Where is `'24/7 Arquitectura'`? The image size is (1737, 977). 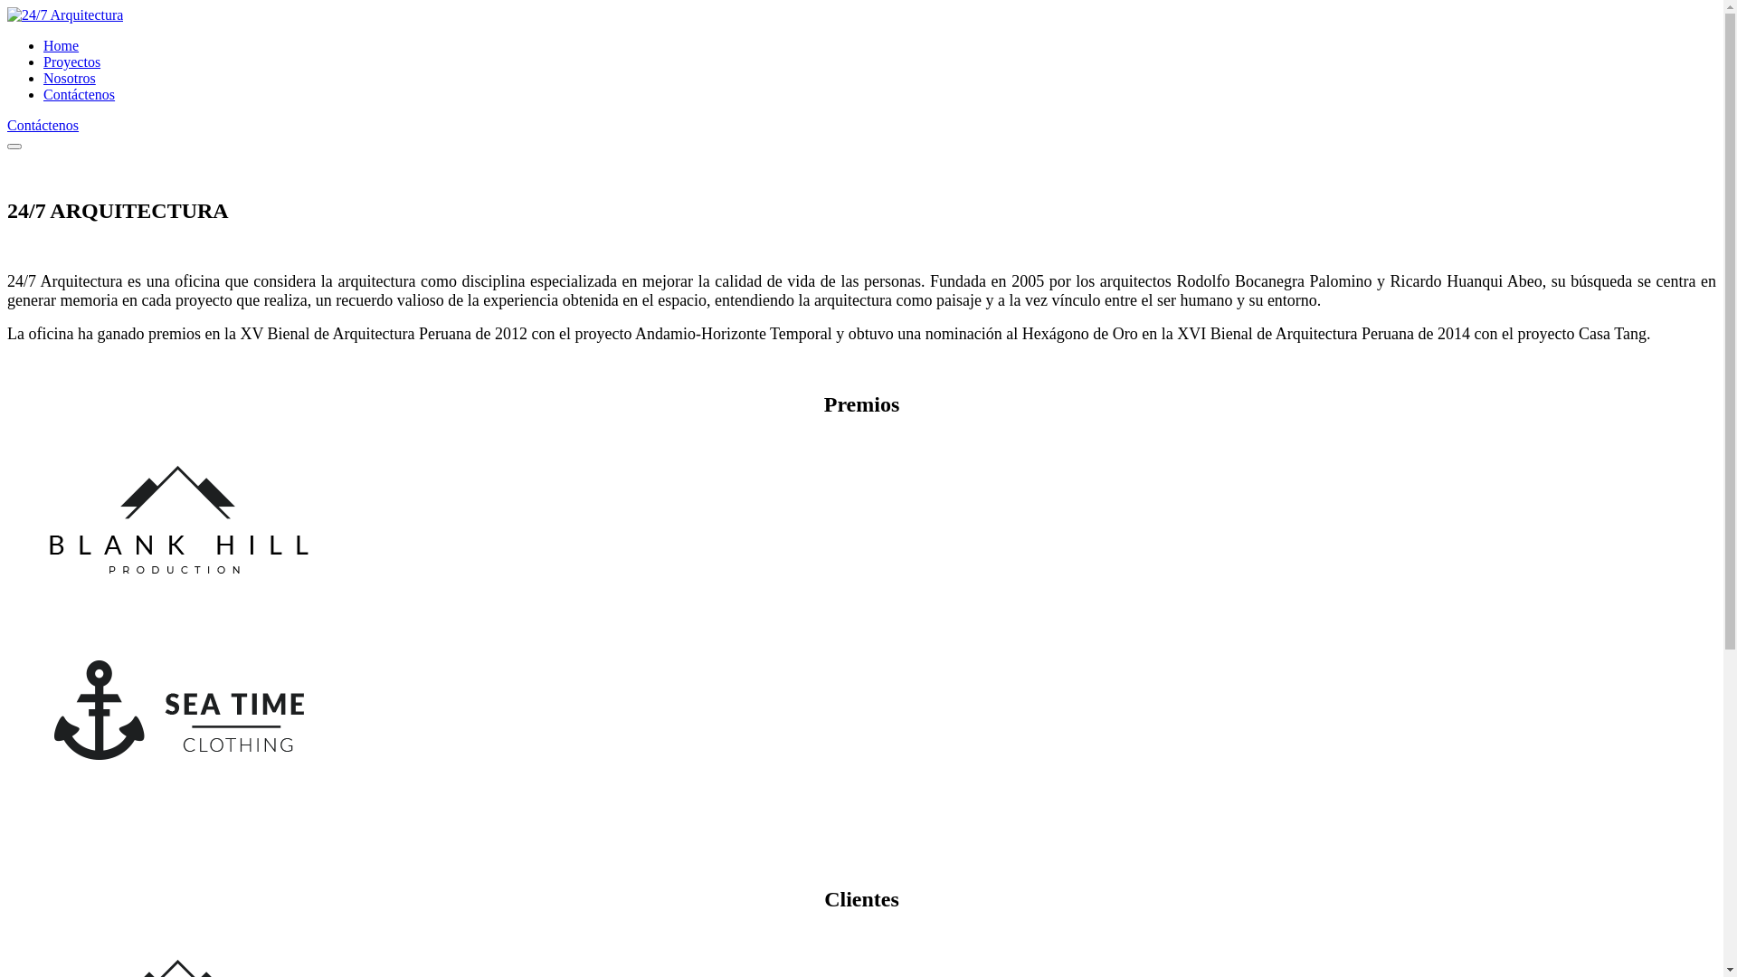
'24/7 Arquitectura' is located at coordinates (65, 14).